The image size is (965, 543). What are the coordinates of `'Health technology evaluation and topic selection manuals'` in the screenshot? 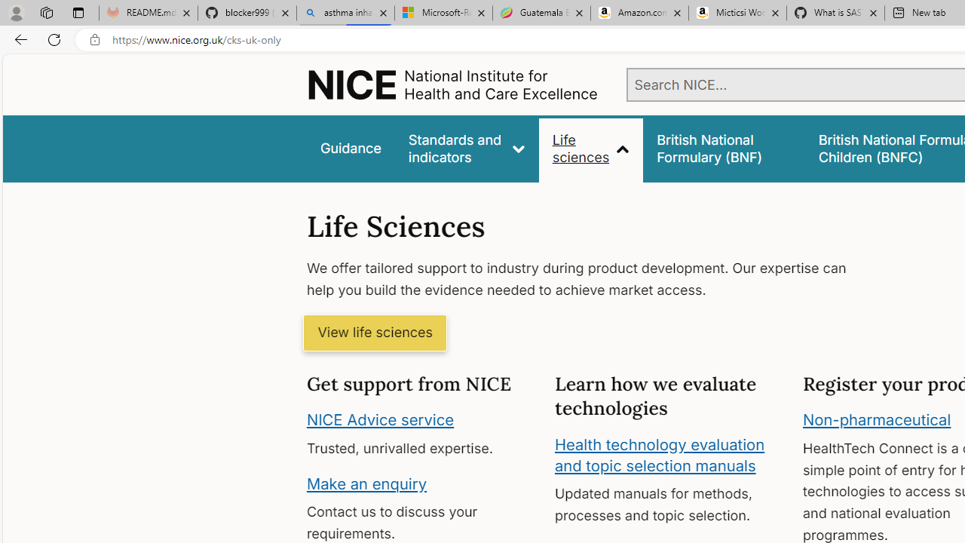 It's located at (659, 454).